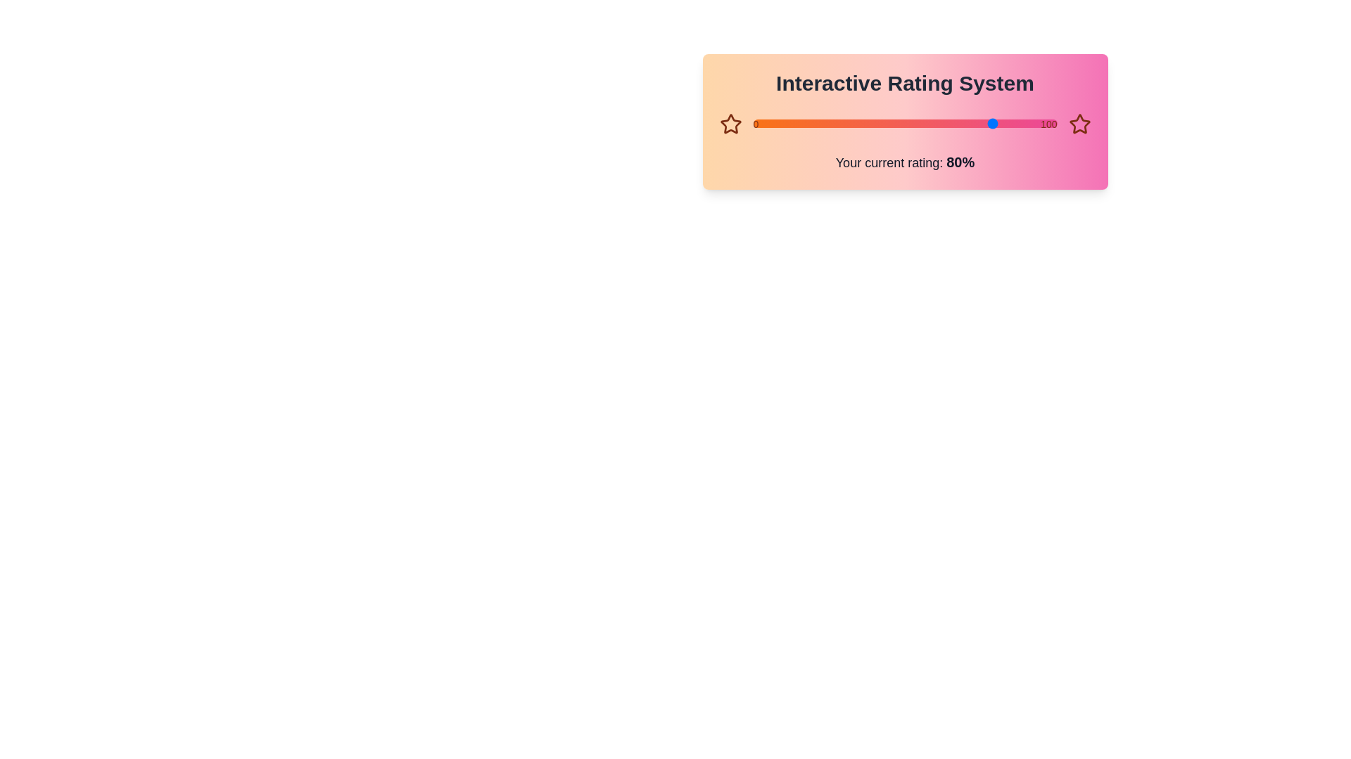  I want to click on the slider track to set the rating to 2%, so click(759, 123).